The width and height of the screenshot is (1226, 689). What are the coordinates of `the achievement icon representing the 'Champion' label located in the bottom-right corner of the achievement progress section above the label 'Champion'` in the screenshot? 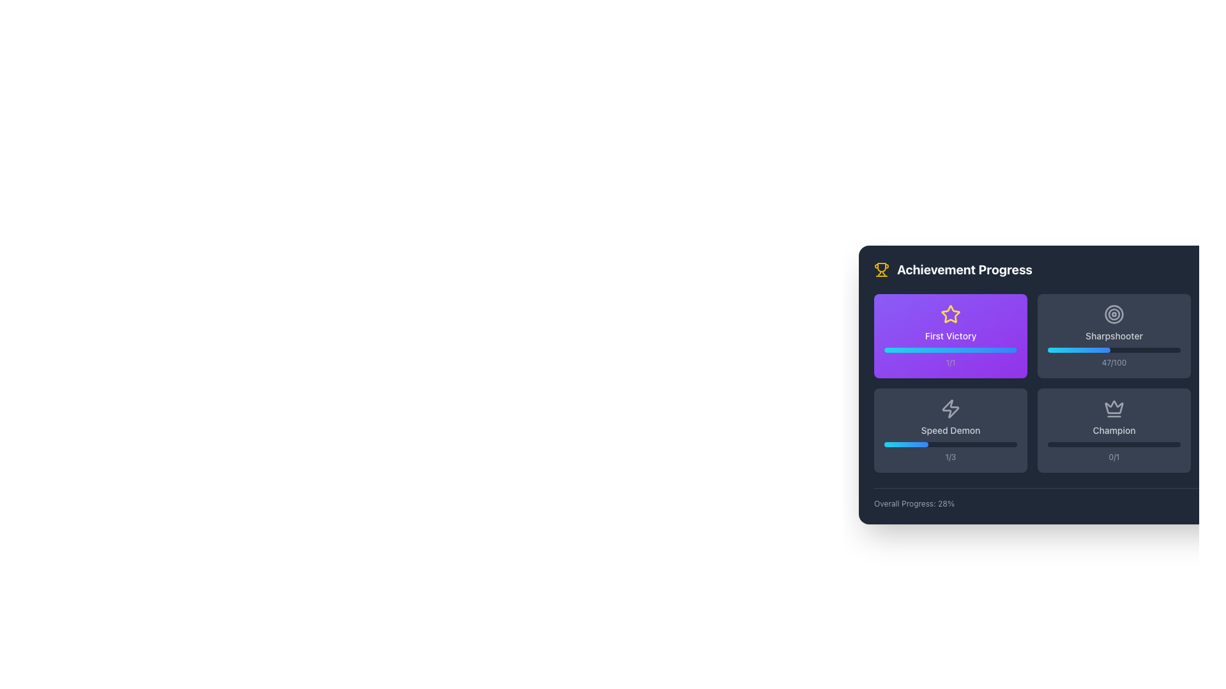 It's located at (1114, 408).